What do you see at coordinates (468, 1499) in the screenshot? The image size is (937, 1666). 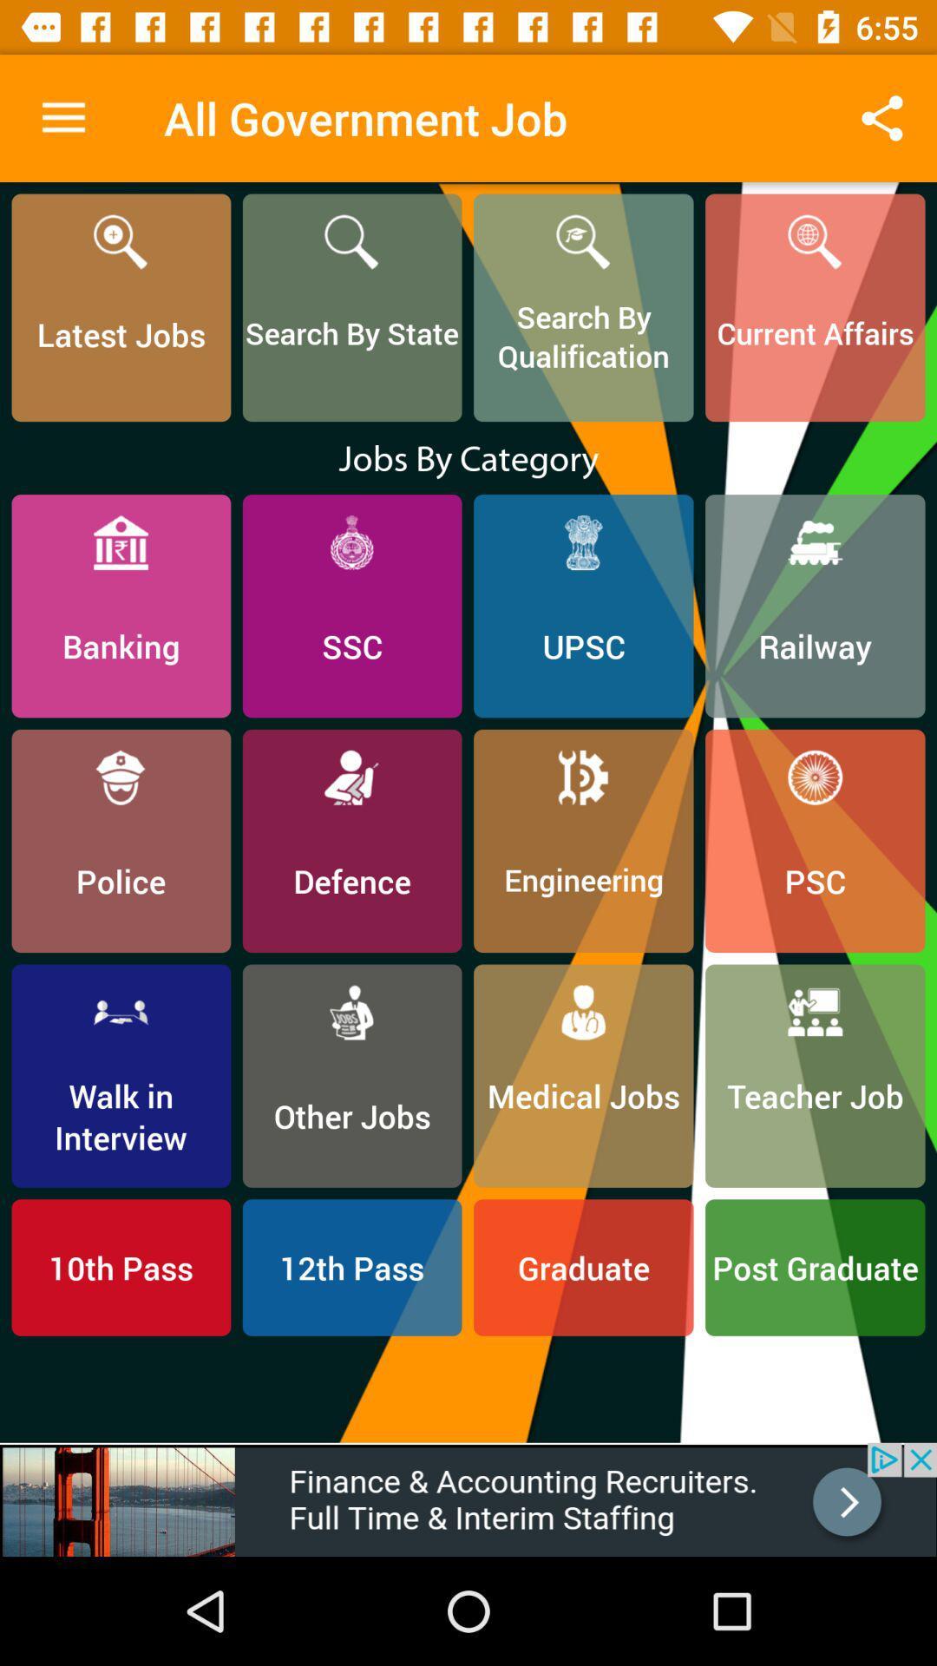 I see `advertisement page` at bounding box center [468, 1499].